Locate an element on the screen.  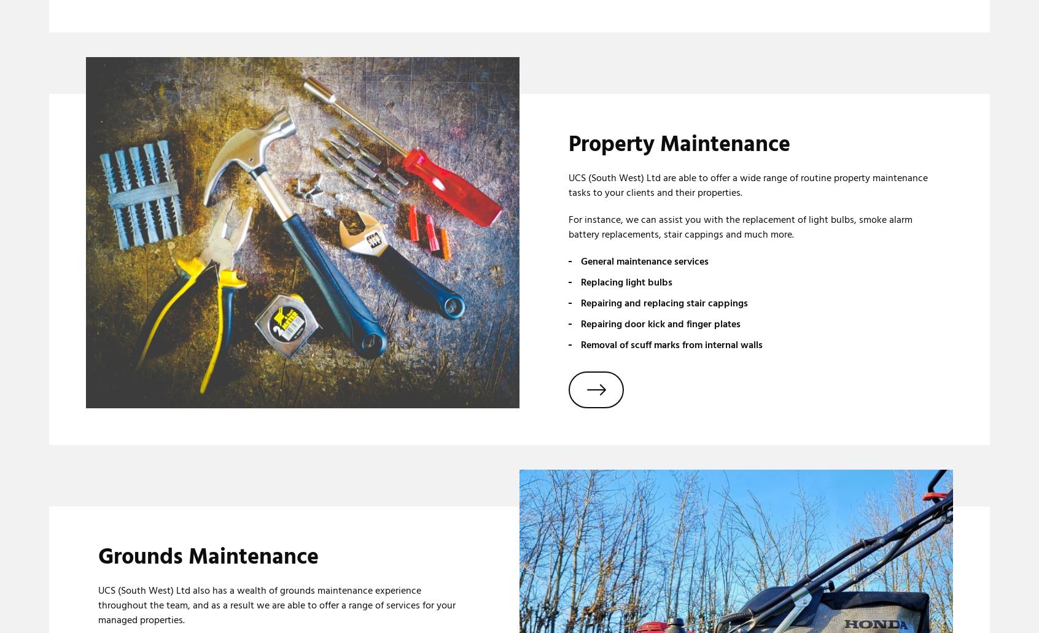
'Replacing light bulbs' is located at coordinates (626, 282).